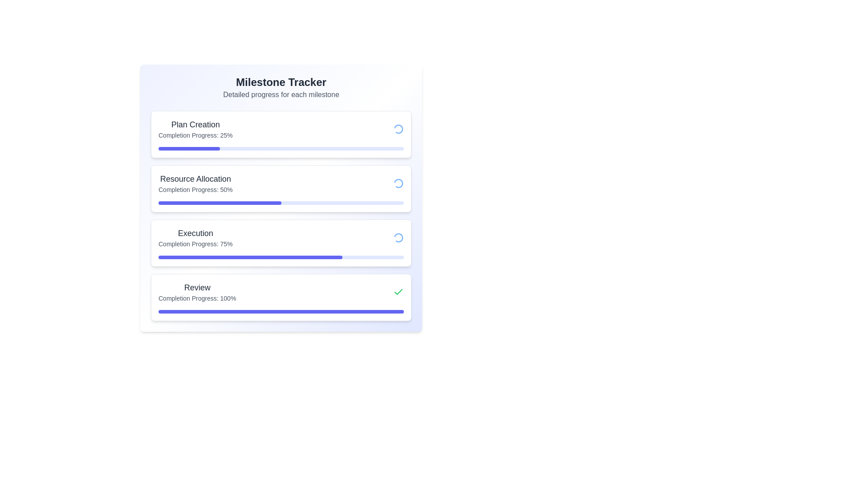 The width and height of the screenshot is (855, 481). What do you see at coordinates (281, 87) in the screenshot?
I see `text of the informative heading at the top center of the progress tracker card, which consists of two lines styled differently to denote importance and details` at bounding box center [281, 87].